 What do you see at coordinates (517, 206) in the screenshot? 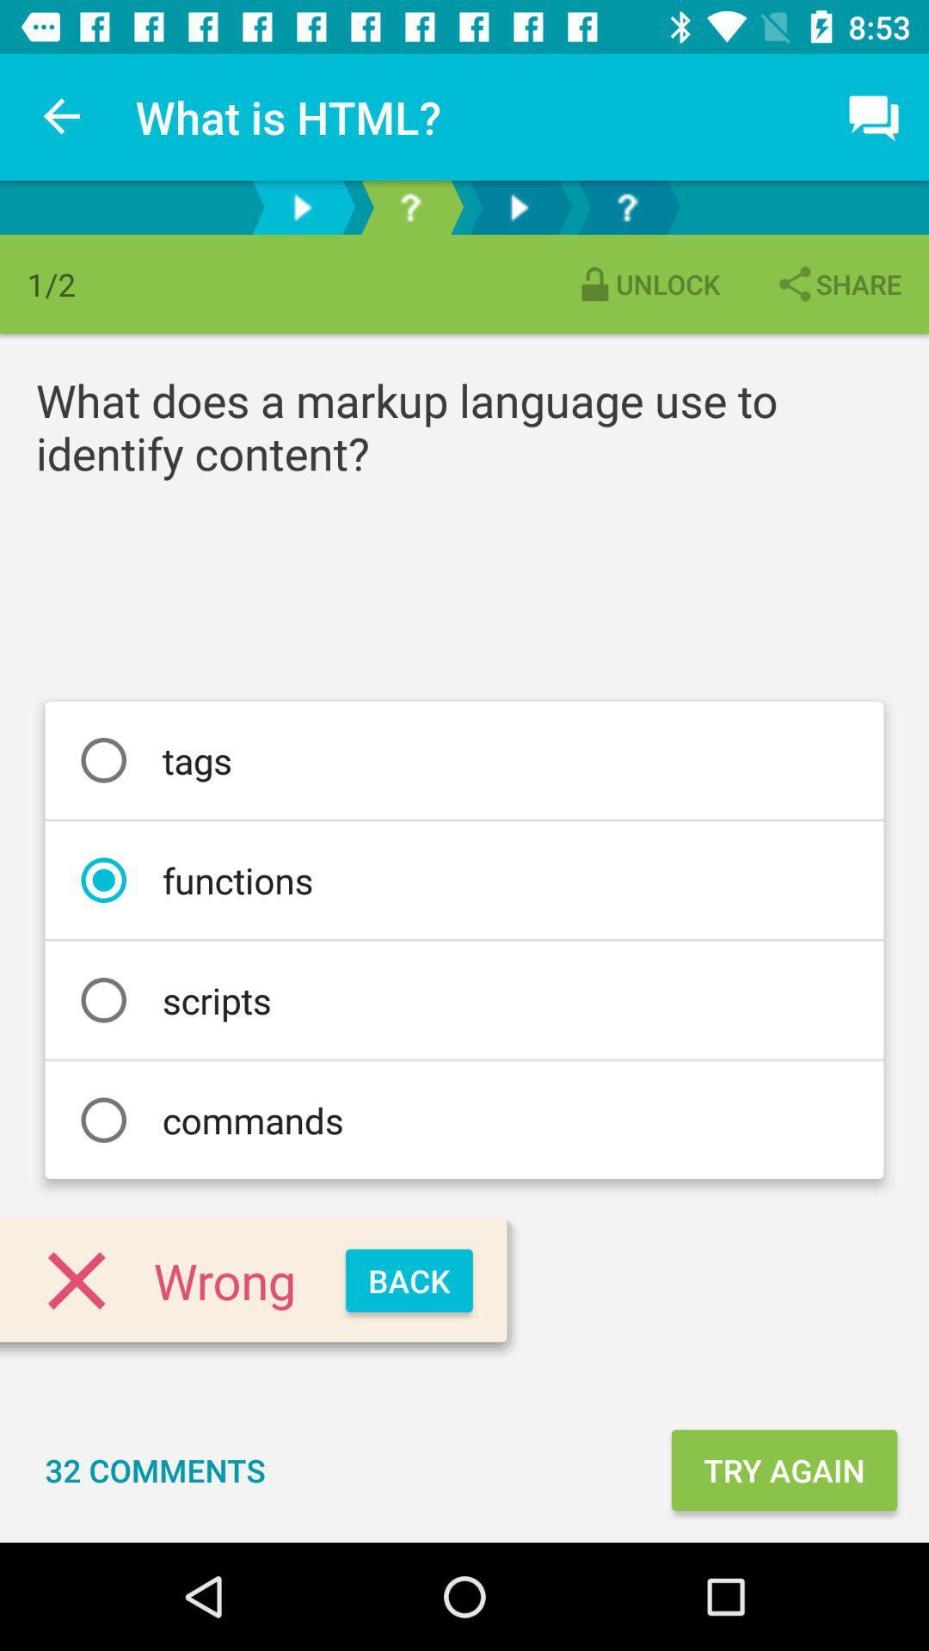
I see `the play icon` at bounding box center [517, 206].